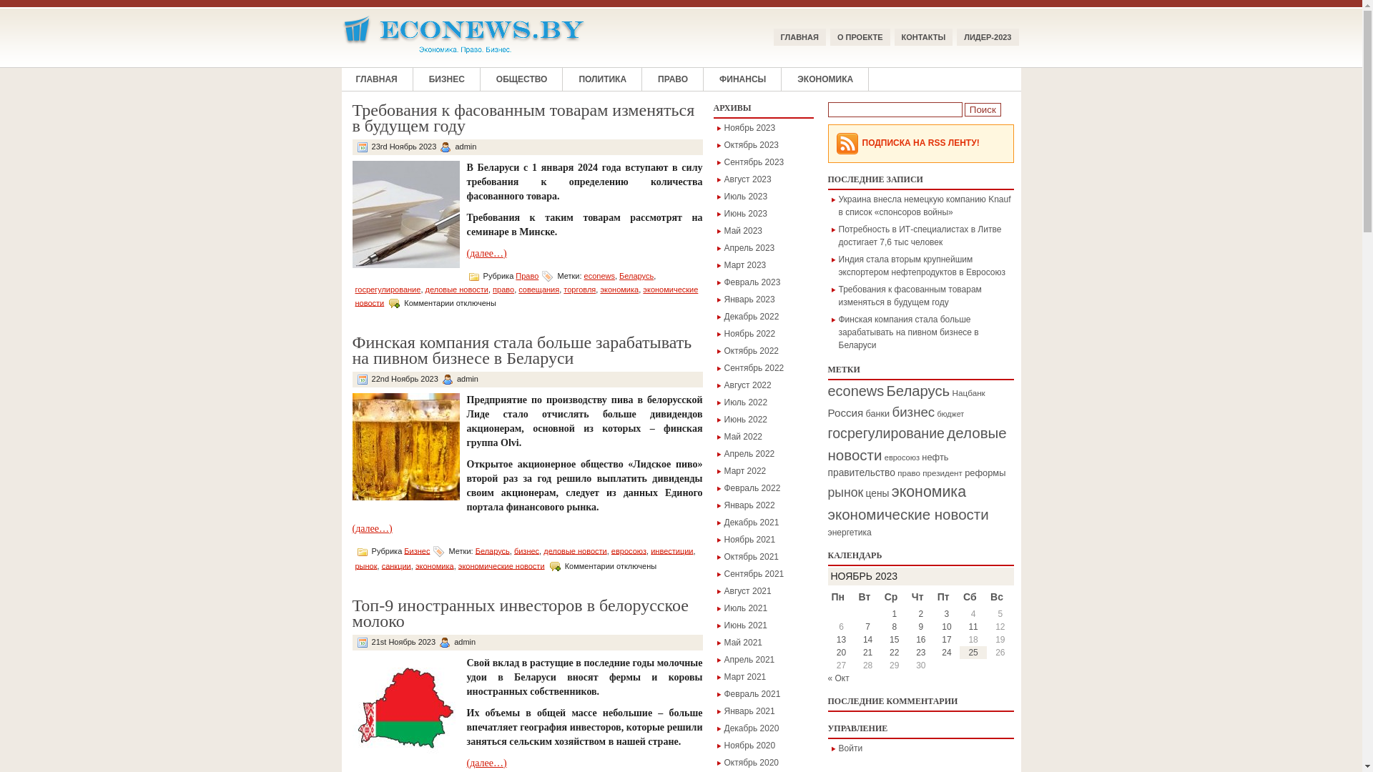 Image resolution: width=1373 pixels, height=772 pixels. Describe the element at coordinates (973, 625) in the screenshot. I see `'11'` at that location.